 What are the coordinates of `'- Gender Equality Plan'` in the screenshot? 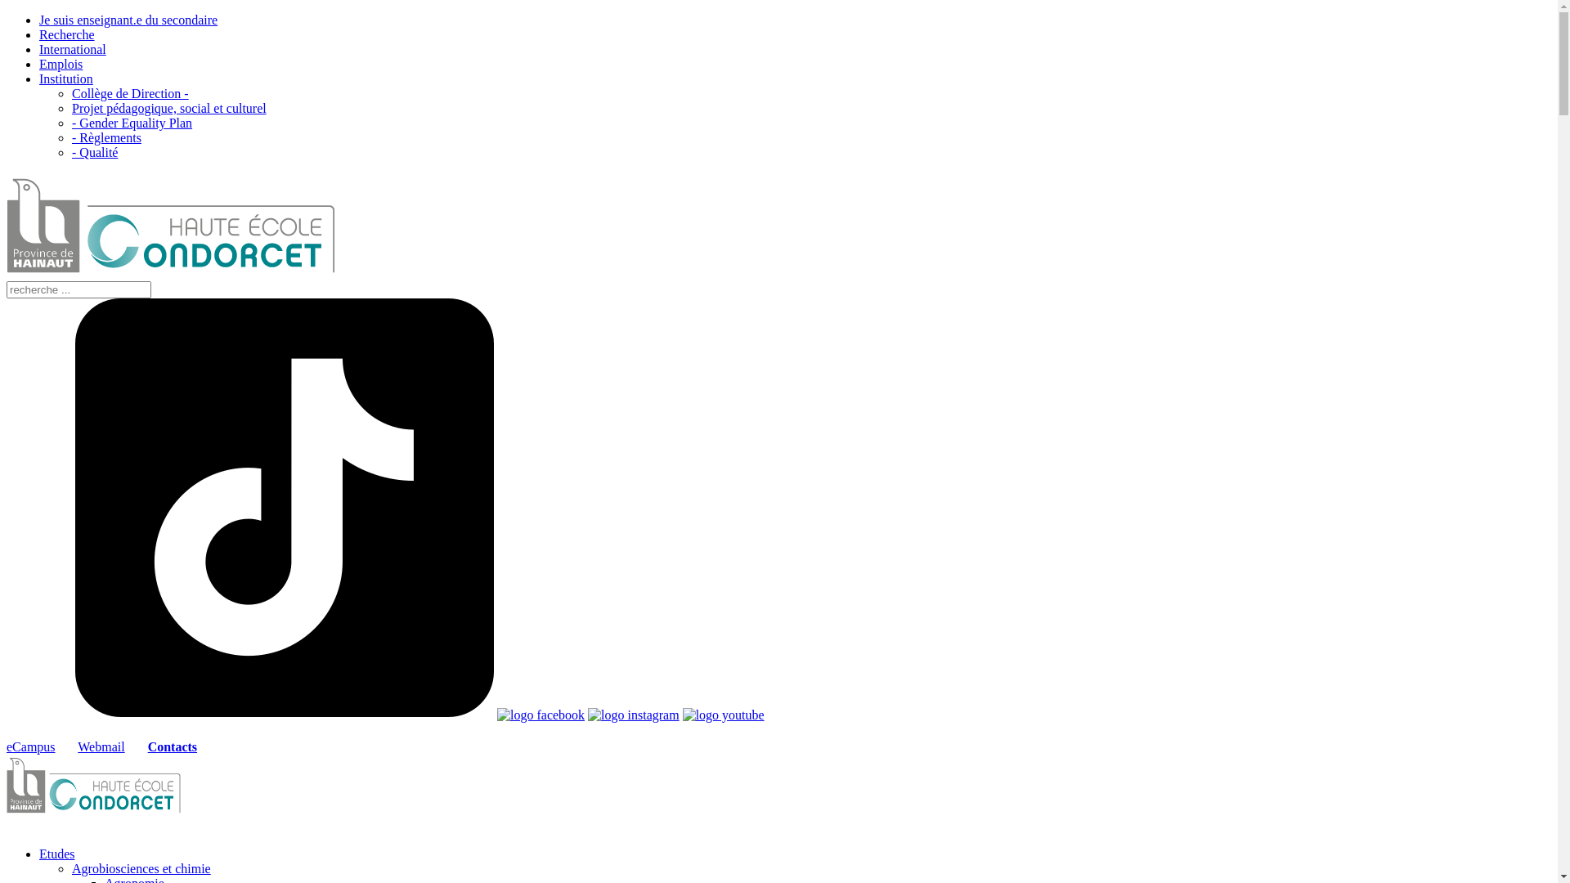 It's located at (132, 122).